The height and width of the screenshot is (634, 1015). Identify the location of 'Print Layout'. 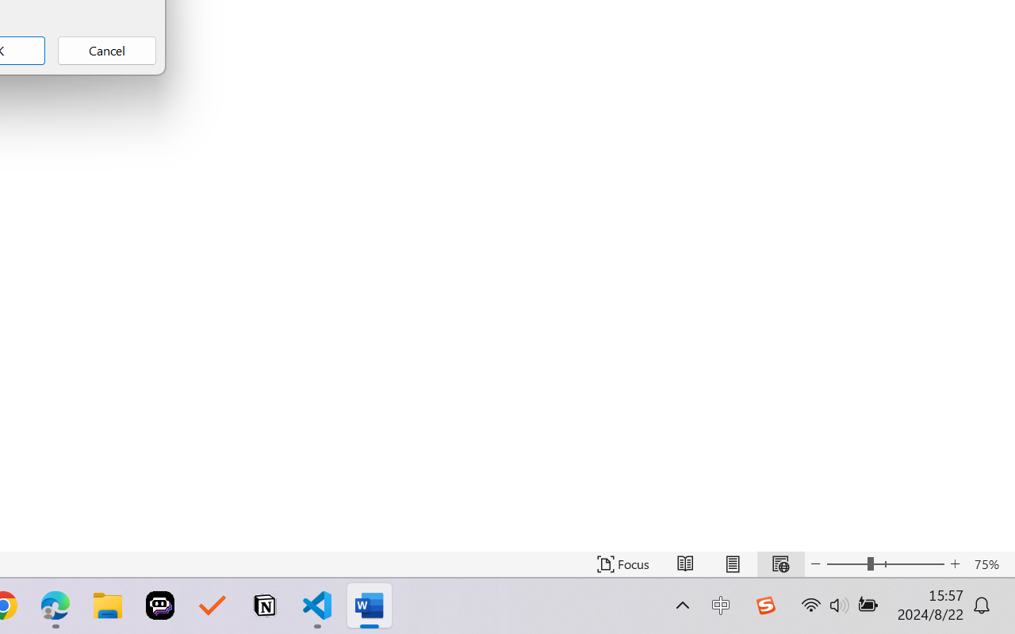
(732, 563).